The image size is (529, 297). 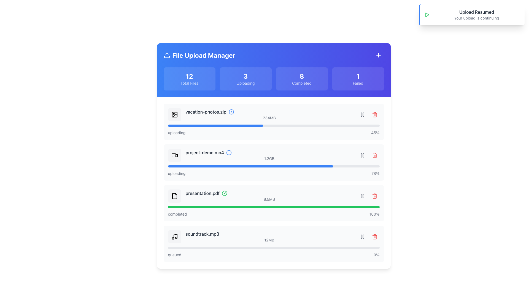 I want to click on the square file icon with a white background and black border representing 'presentation.pdf', so click(x=174, y=196).